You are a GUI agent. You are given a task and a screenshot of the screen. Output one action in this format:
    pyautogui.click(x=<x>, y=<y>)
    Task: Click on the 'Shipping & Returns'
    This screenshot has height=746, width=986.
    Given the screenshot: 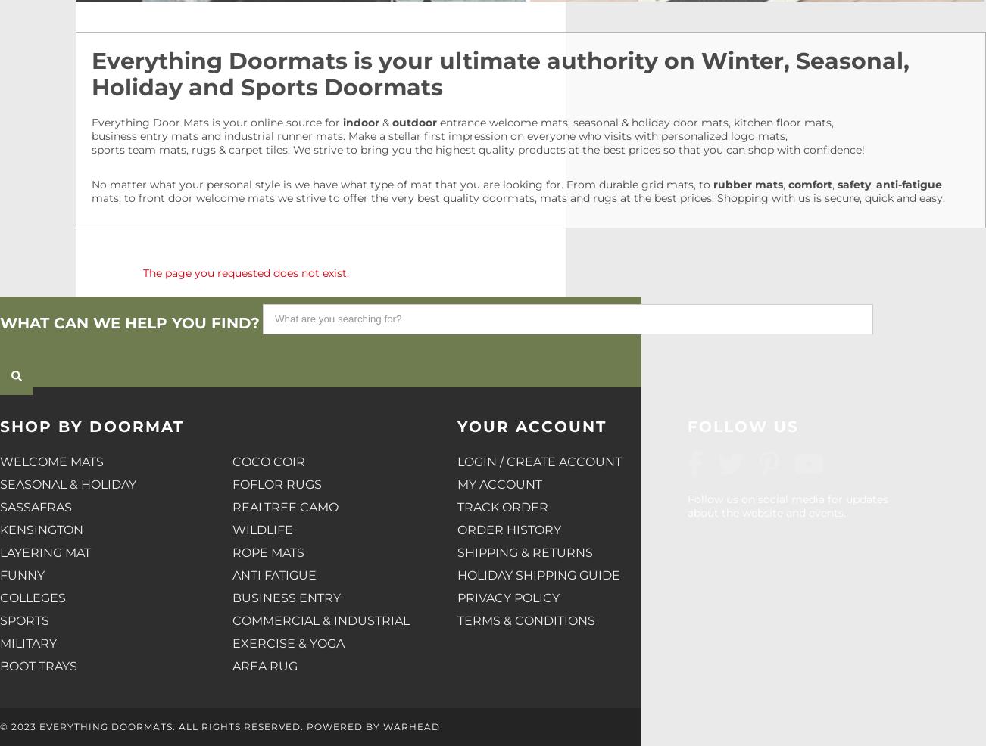 What is the action you would take?
    pyautogui.click(x=456, y=552)
    